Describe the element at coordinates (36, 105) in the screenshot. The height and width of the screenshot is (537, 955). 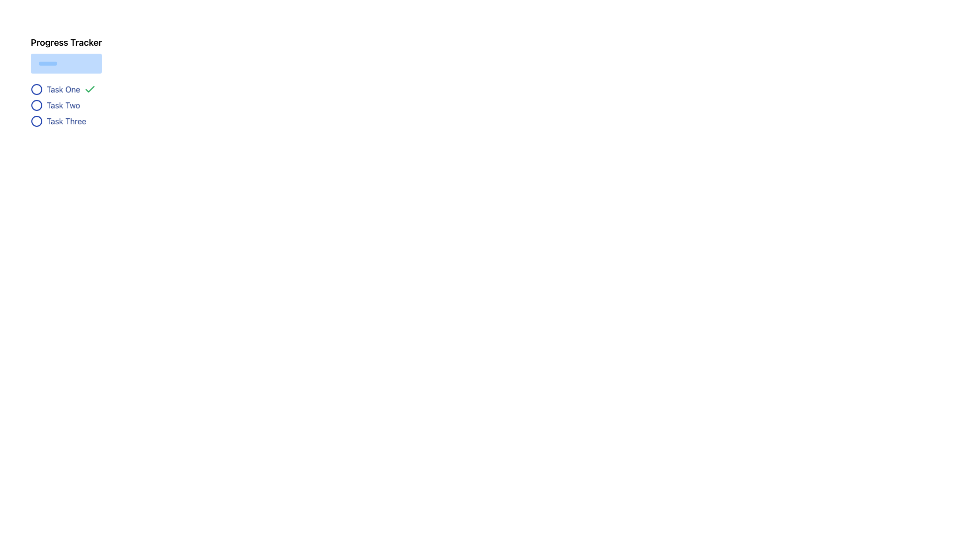
I see `the status indicator icon for 'Task Two', located to the left of the task text` at that location.